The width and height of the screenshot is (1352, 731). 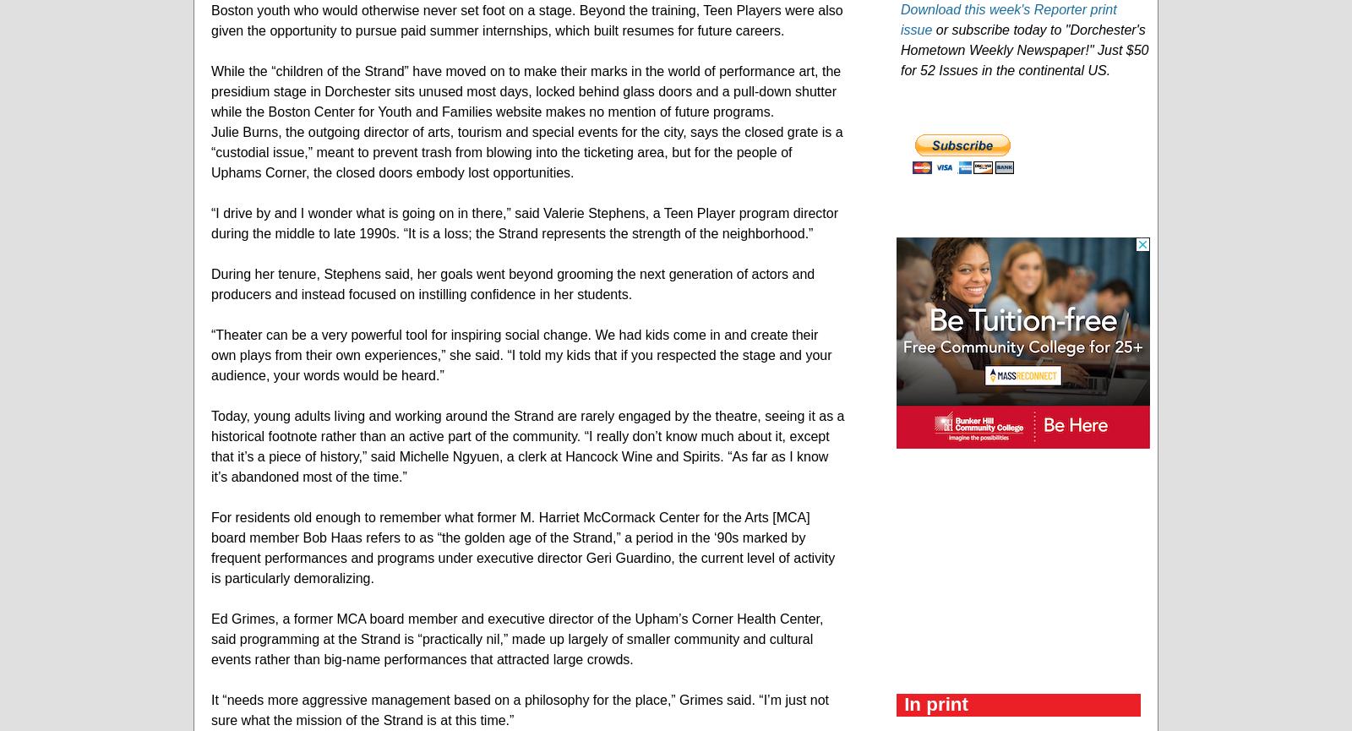 I want to click on 'Today, young adults living and working around the Strand are rarely engaged by the theatre, seeing it as a historical footnote rather than an active part of the community. “I really don’t know much about it, except that it’s a piece of history,” said Michelle Ngyuen, a clerk at Hancock Wine and Spirits. “As far as I know it’s abandoned most of the time.”', so click(x=527, y=445).